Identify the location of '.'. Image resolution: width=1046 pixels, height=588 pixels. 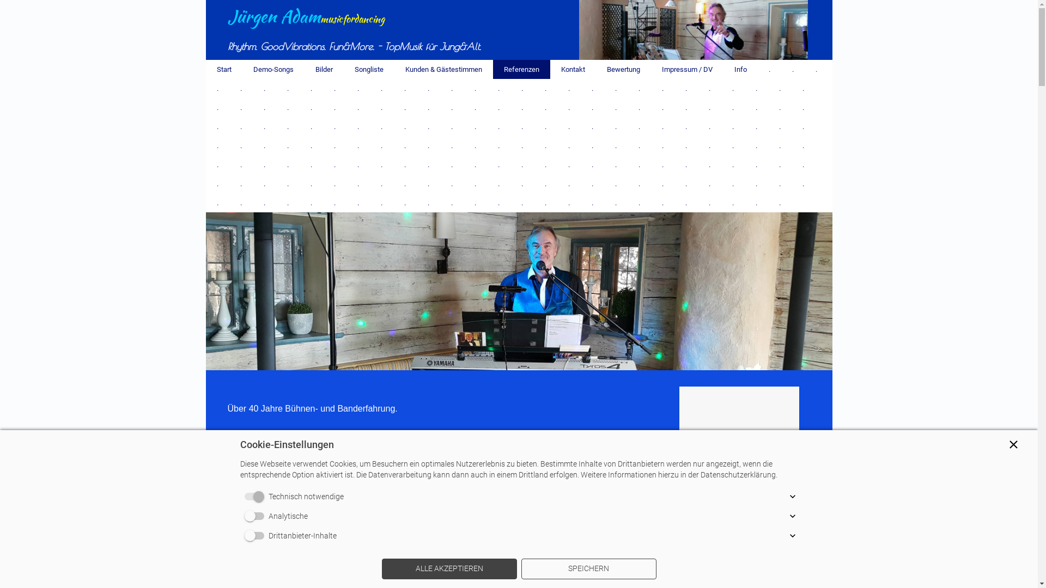
(779, 88).